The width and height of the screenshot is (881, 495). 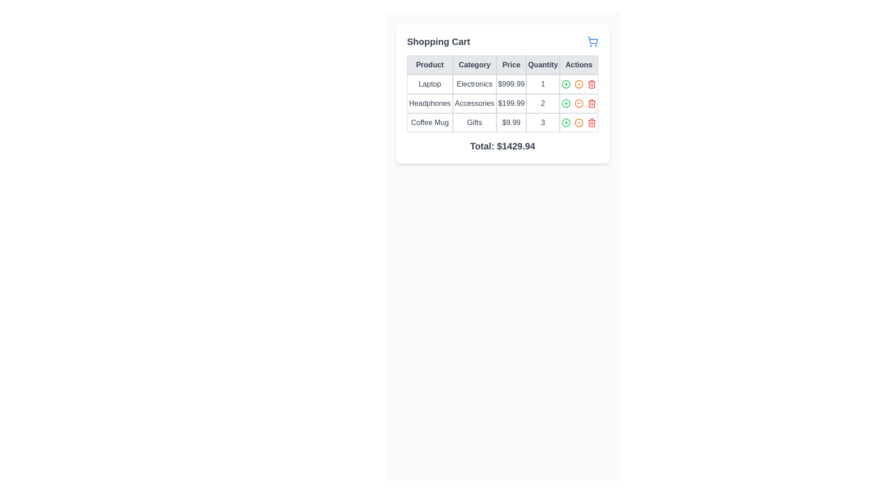 What do you see at coordinates (591, 103) in the screenshot?
I see `the delete icon button located in the 'Actions' column of the second row` at bounding box center [591, 103].